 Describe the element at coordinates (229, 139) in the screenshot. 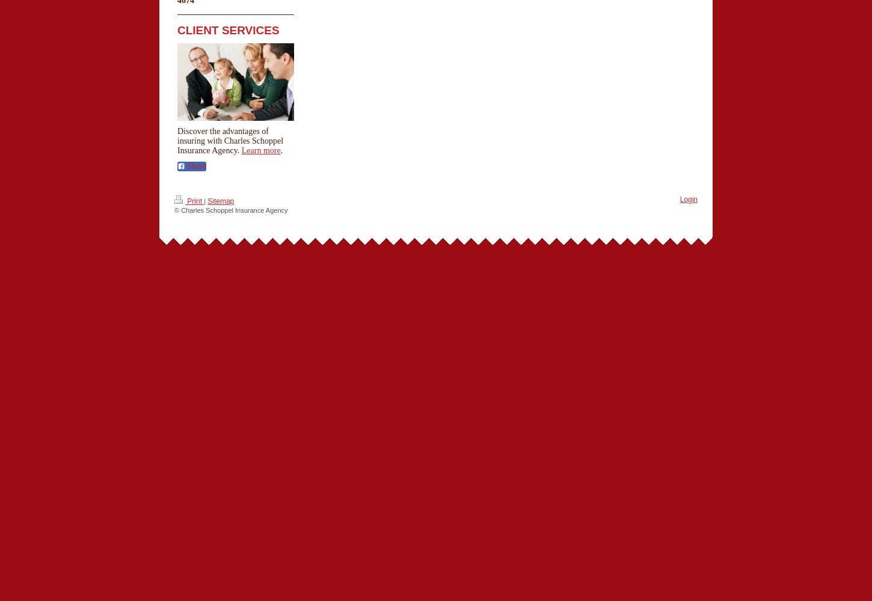

I see `'Discover the advantages of insuring with Charles Schoppel Insurance Agency.'` at that location.